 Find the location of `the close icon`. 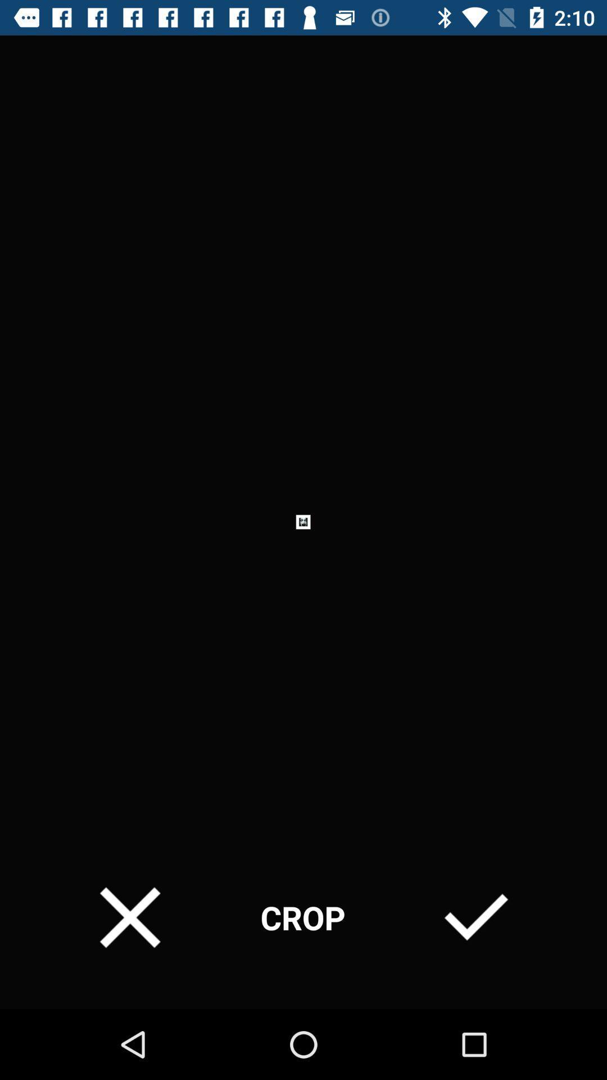

the close icon is located at coordinates (129, 917).